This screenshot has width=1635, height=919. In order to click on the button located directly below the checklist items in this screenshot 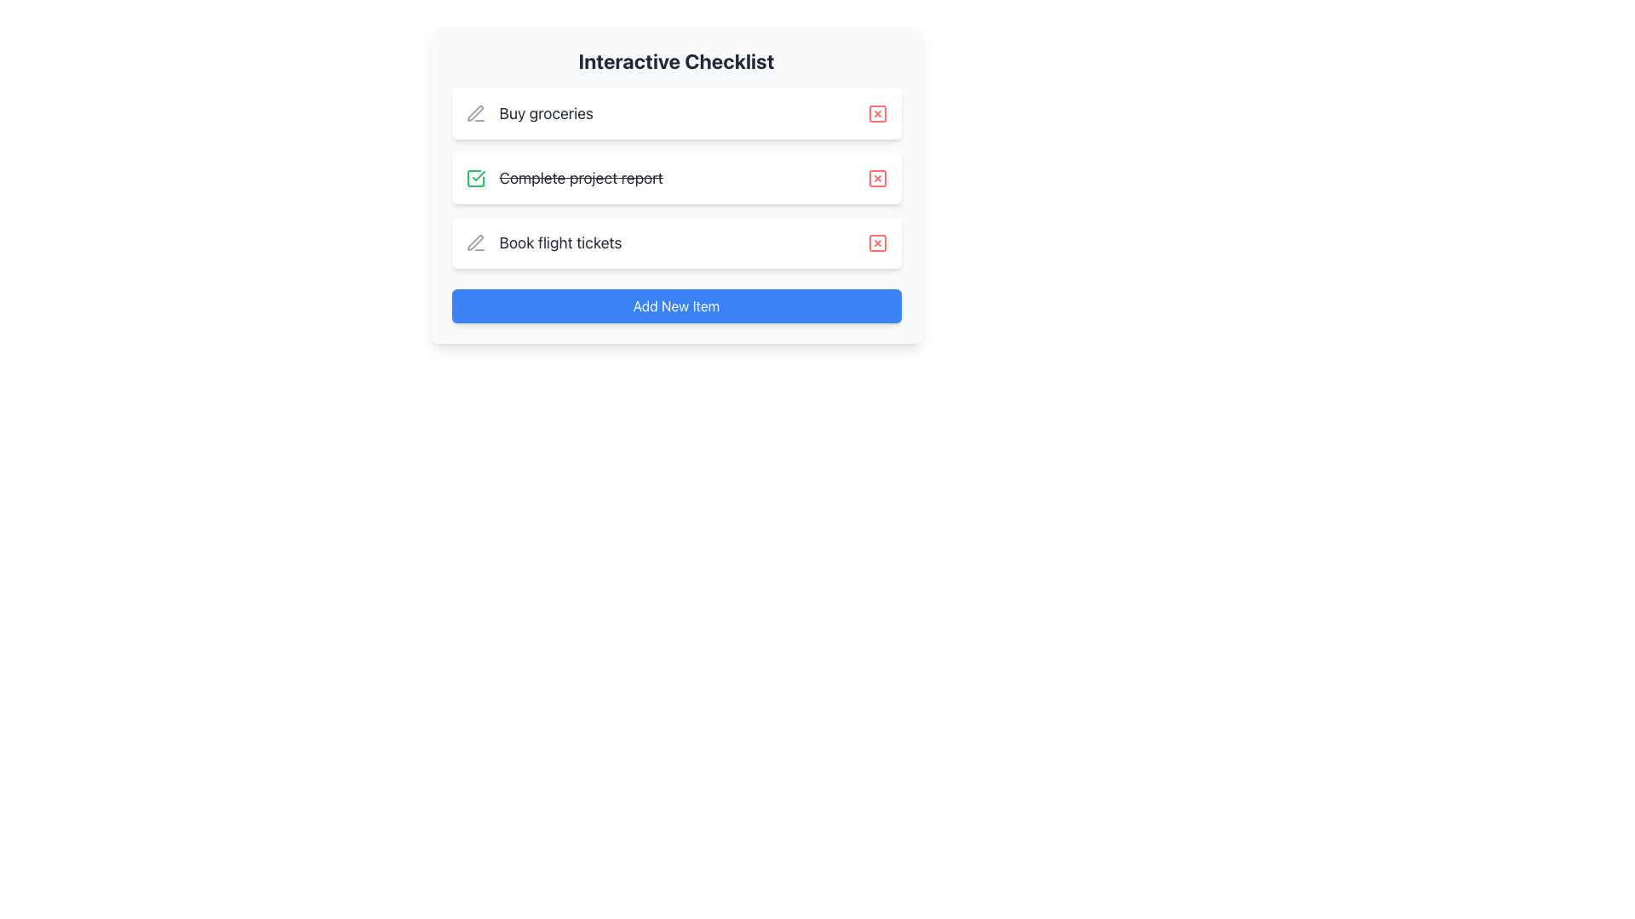, I will do `click(675, 305)`.